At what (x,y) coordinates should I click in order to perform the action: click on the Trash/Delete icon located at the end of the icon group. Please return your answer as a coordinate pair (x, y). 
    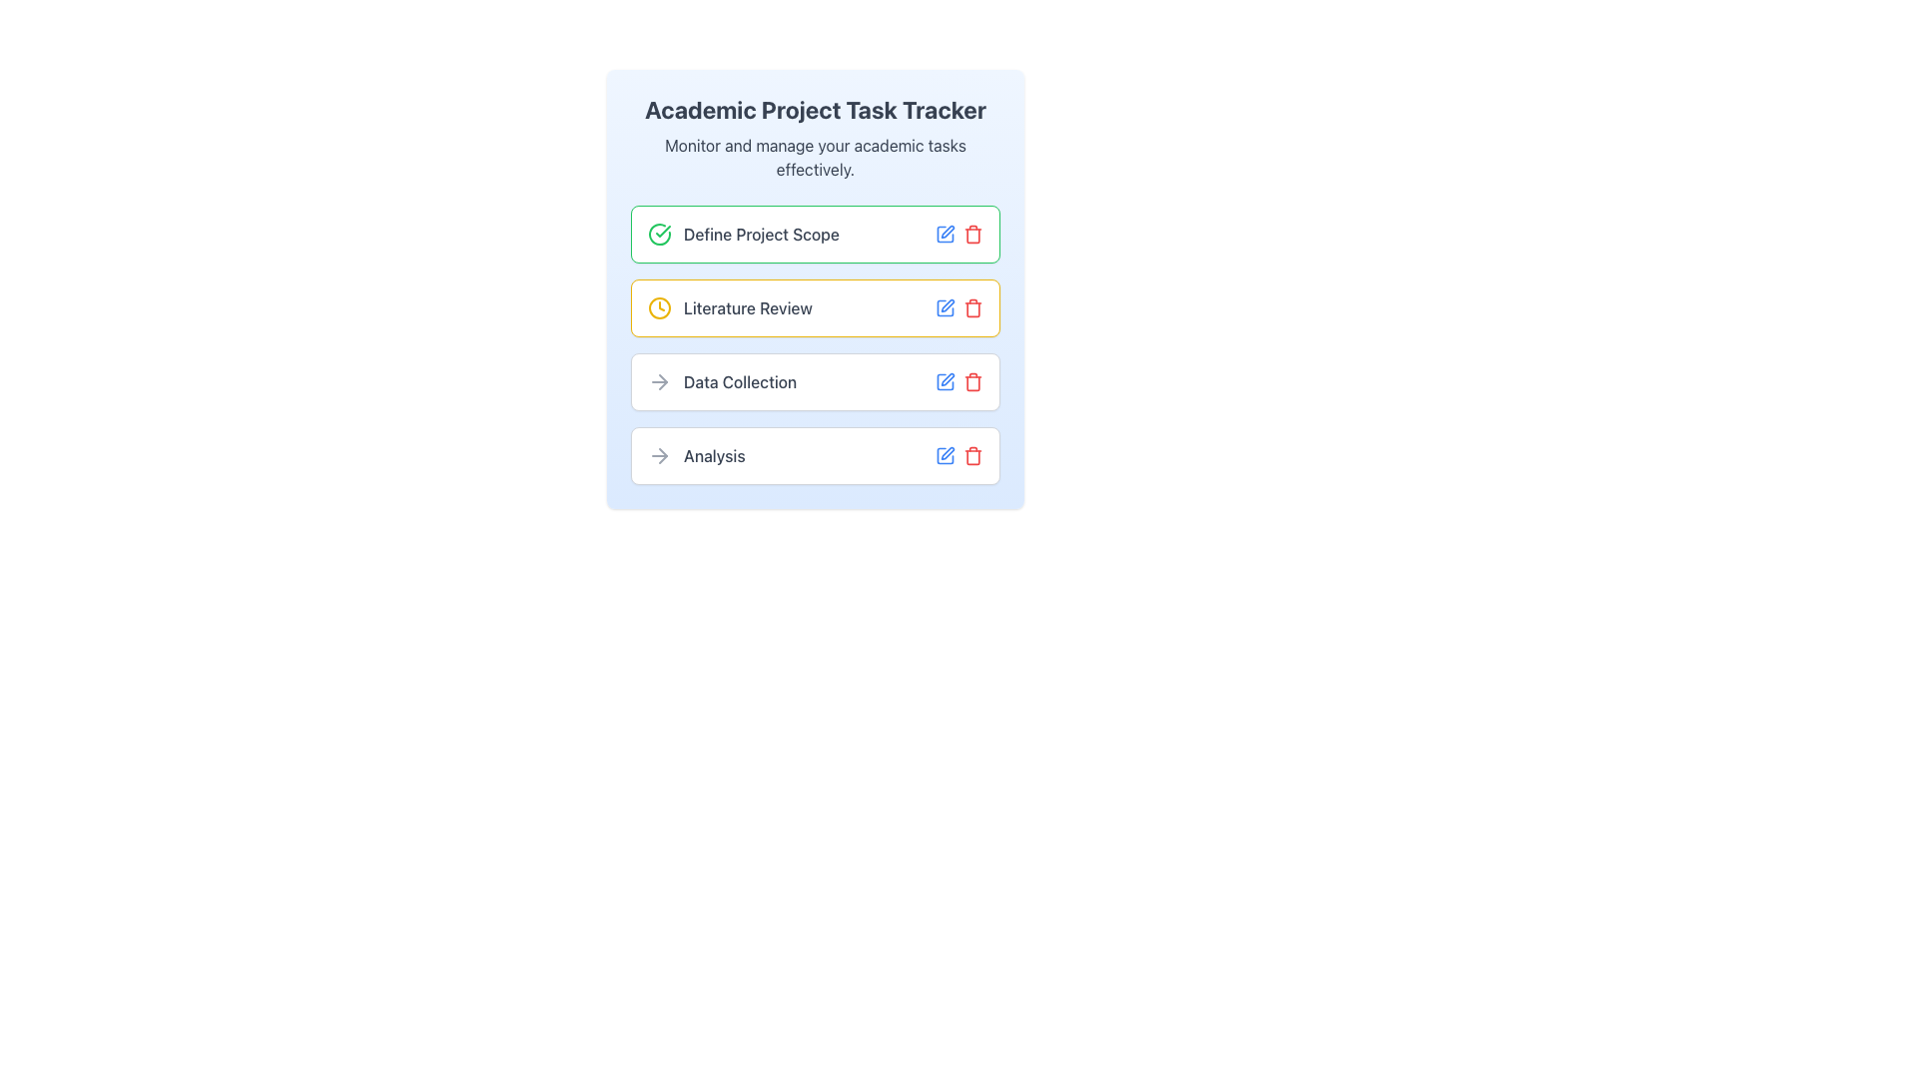
    Looking at the image, I should click on (972, 381).